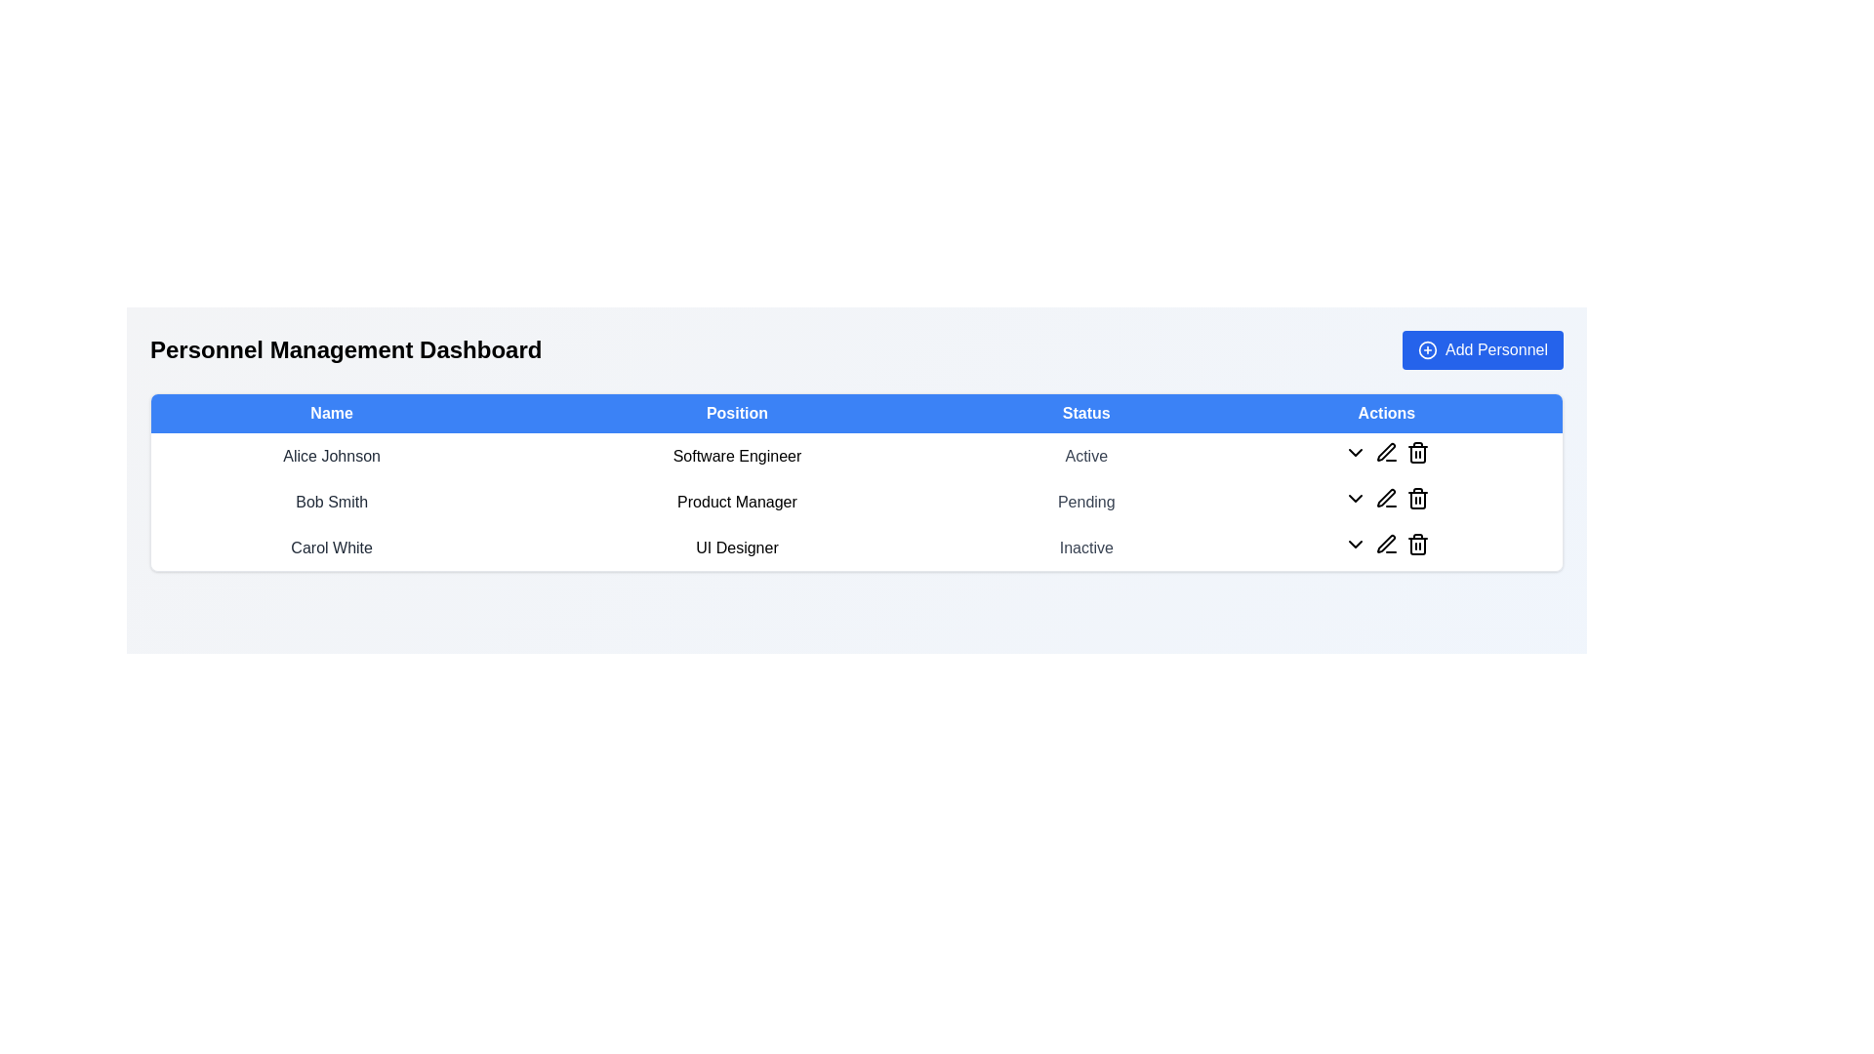  What do you see at coordinates (1385, 497) in the screenshot?
I see `the edit button located in the 'Actions' column of the 'Pending' row in the table to modify the associated entry` at bounding box center [1385, 497].